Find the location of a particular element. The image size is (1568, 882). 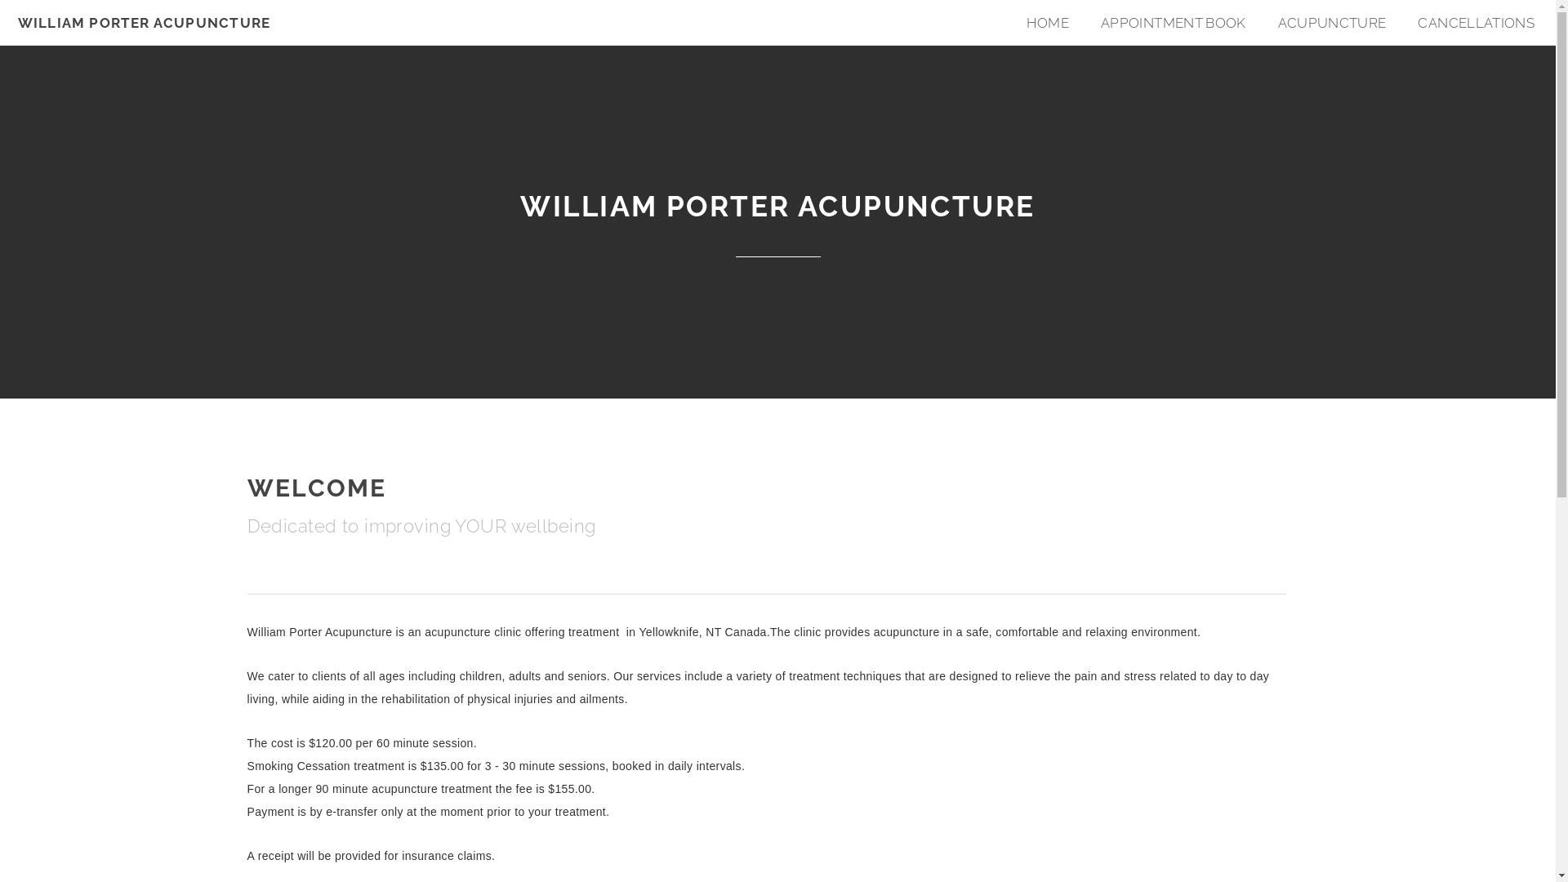

'WILLIAM PORTER ACUPUNCTURE' is located at coordinates (145, 22).